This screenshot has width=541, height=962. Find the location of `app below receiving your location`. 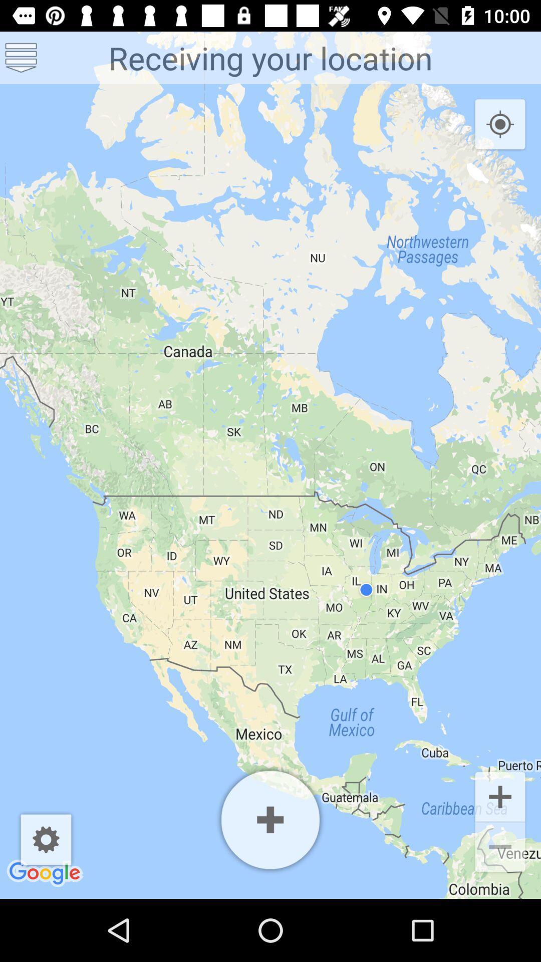

app below receiving your location is located at coordinates (500, 124).